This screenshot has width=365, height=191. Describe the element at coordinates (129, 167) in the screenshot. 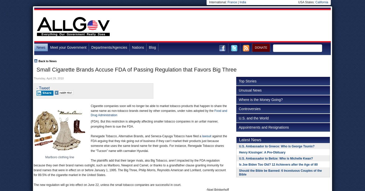

I see `'The plaintiffs add that their larger rivals, aka Big Tobacco, aren’t impacted by the FDA regulation because they own their brand names outright, such as Marlboro, Newprot and Camel, or thanks to a grandfather clause granting immunity for brand names that were in effect on or before January 1, 1995. The Big Three, Philip Morris, Reynolds American and Lorillard, currently account for 89.5% of the cigarette market in the United States.'` at that location.